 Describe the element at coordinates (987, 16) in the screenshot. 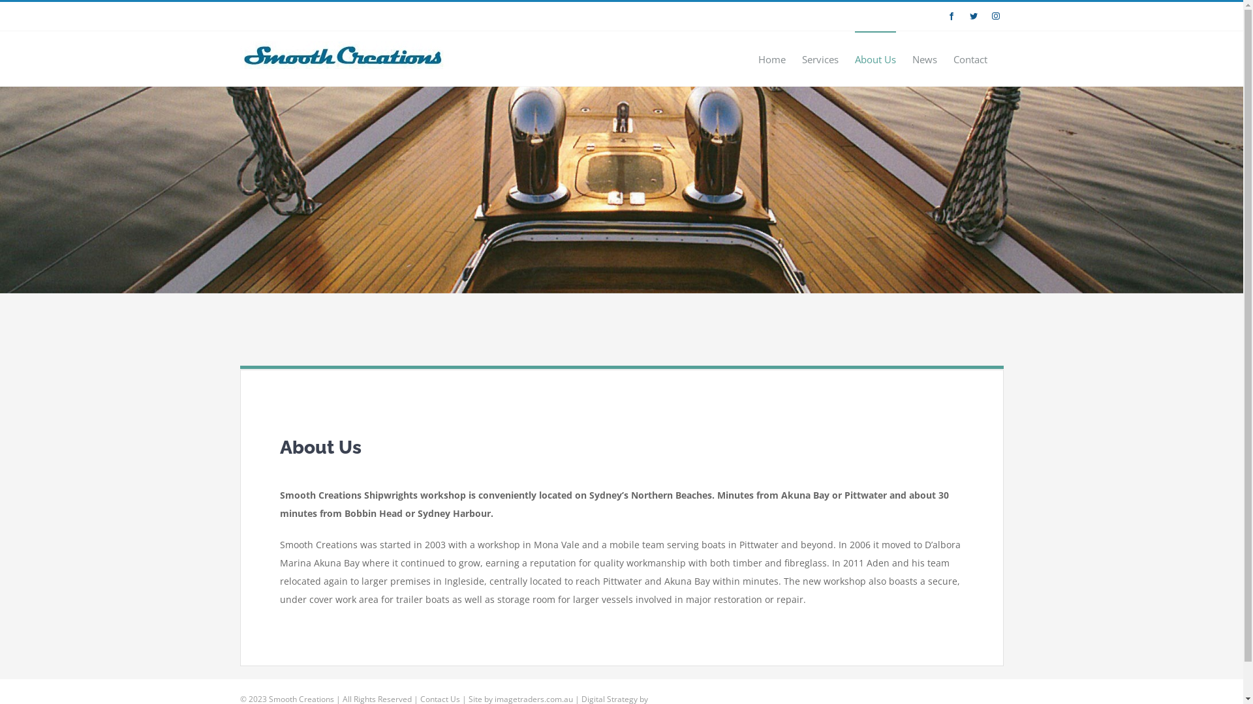

I see `'Instagram'` at that location.